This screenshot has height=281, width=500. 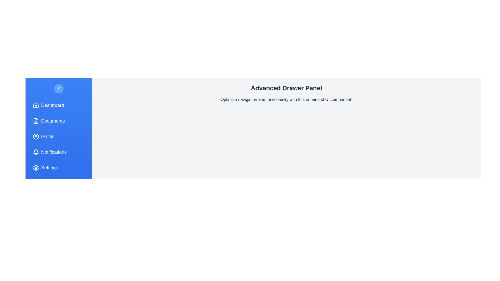 I want to click on the menu item labeled Profile, so click(x=59, y=136).